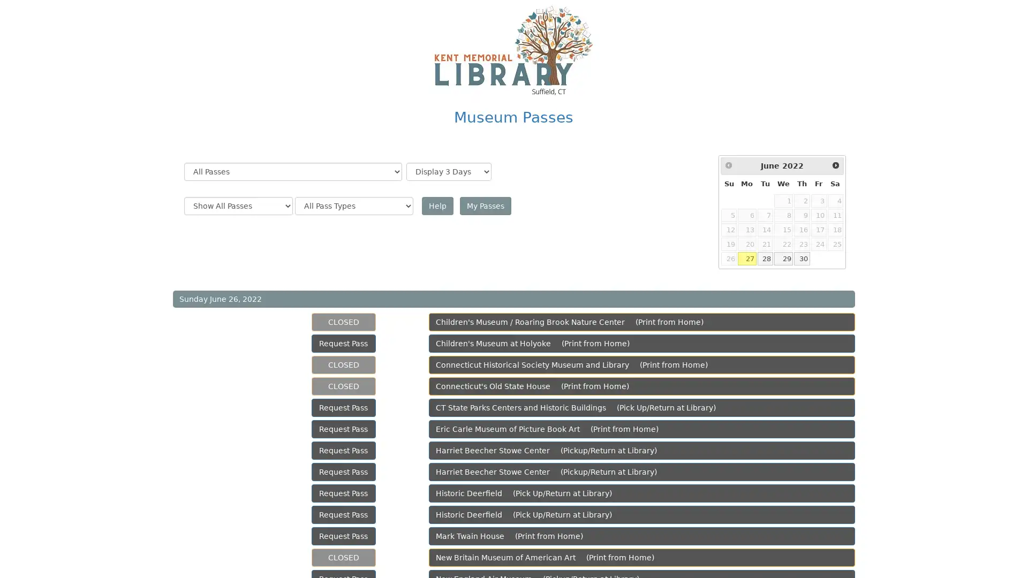 This screenshot has height=578, width=1028. I want to click on CLOSED, so click(343, 386).